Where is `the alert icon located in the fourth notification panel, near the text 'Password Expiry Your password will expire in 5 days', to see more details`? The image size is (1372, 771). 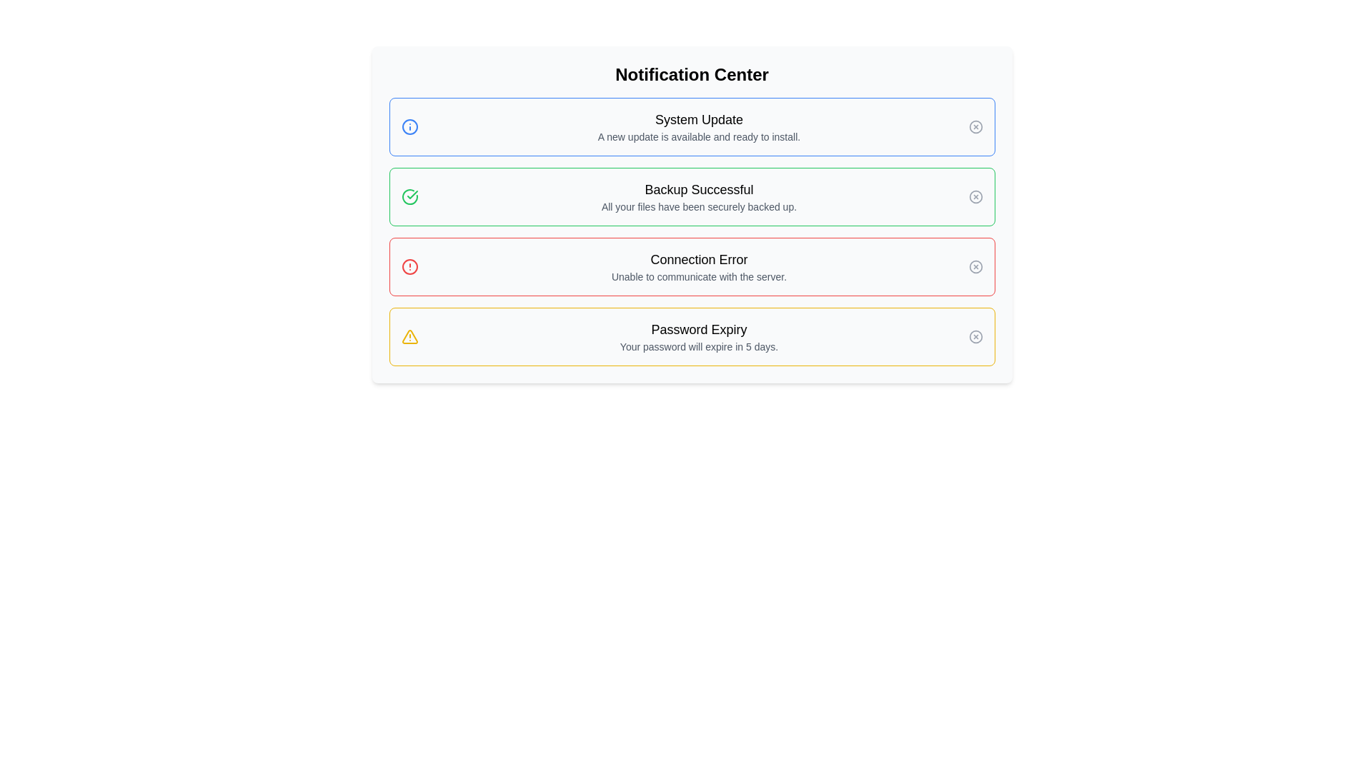 the alert icon located in the fourth notification panel, near the text 'Password Expiry Your password will expire in 5 days', to see more details is located at coordinates (409, 336).